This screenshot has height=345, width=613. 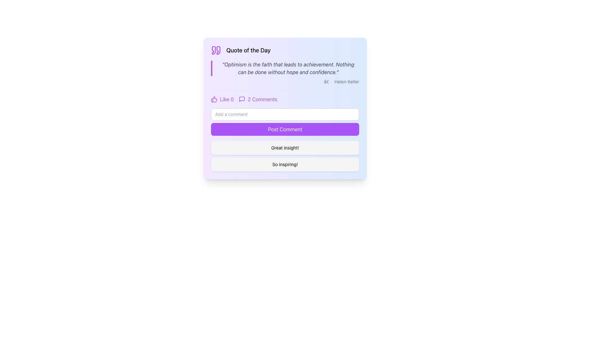 What do you see at coordinates (284, 96) in the screenshot?
I see `the 'Like' button within the interactive components of the 'Quote of the Day' card` at bounding box center [284, 96].